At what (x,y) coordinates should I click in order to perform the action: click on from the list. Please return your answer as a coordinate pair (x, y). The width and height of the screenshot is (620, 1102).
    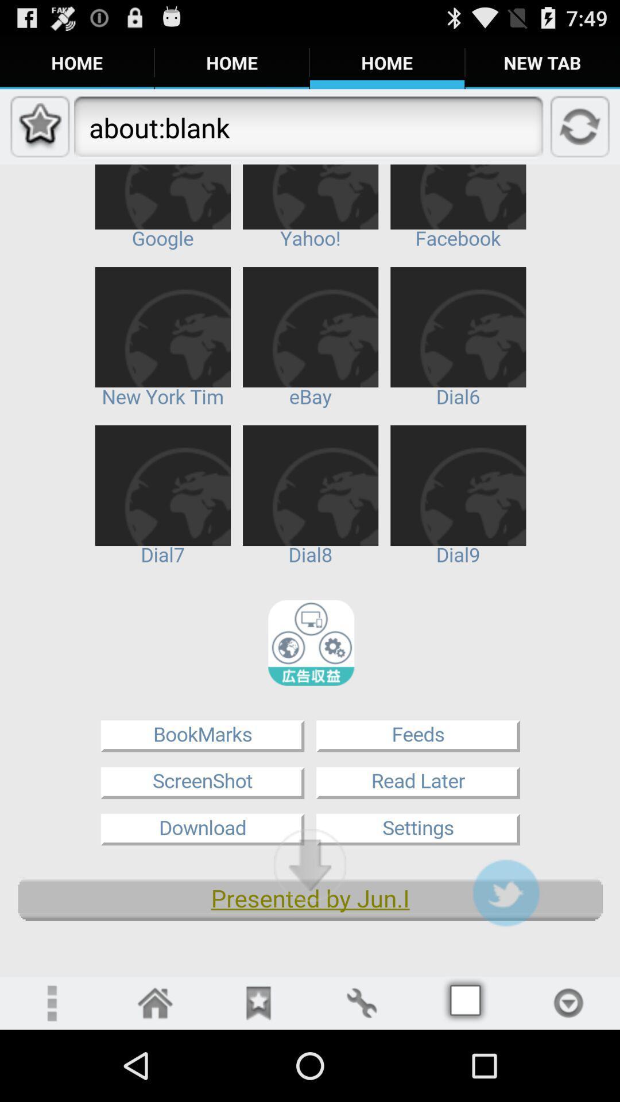
    Looking at the image, I should click on (568, 1002).